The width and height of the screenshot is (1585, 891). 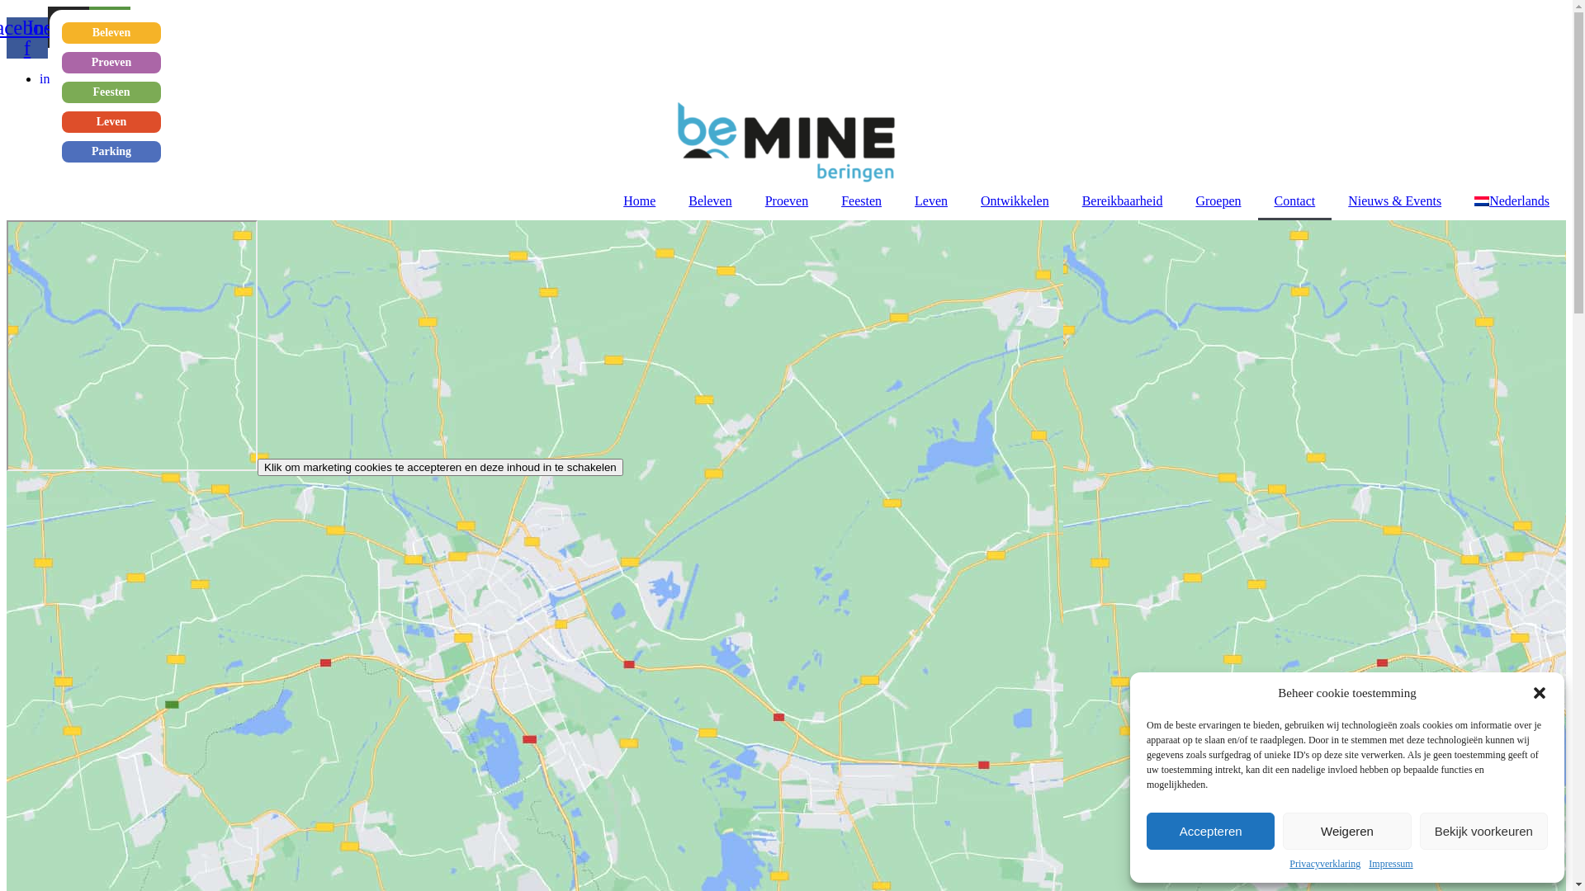 What do you see at coordinates (86, 78) in the screenshot?
I see `'info@beMINE.be'` at bounding box center [86, 78].